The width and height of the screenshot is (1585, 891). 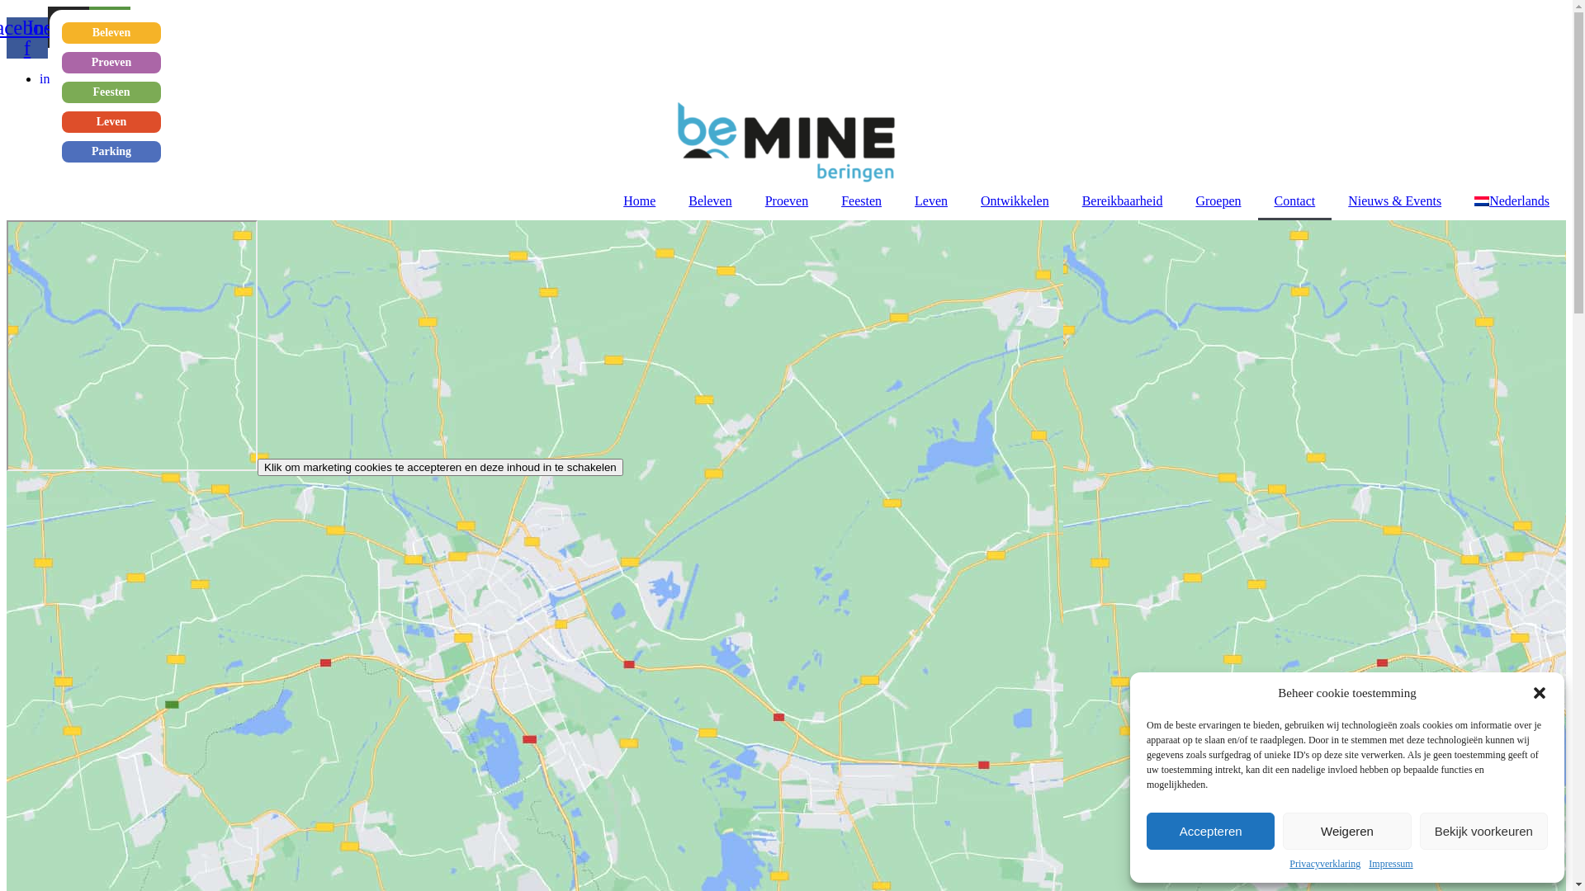 What do you see at coordinates (86, 78) in the screenshot?
I see `'info@beMINE.be'` at bounding box center [86, 78].